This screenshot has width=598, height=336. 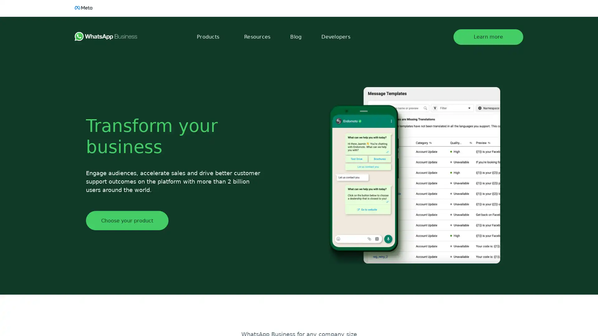 I want to click on Products, so click(x=208, y=36).